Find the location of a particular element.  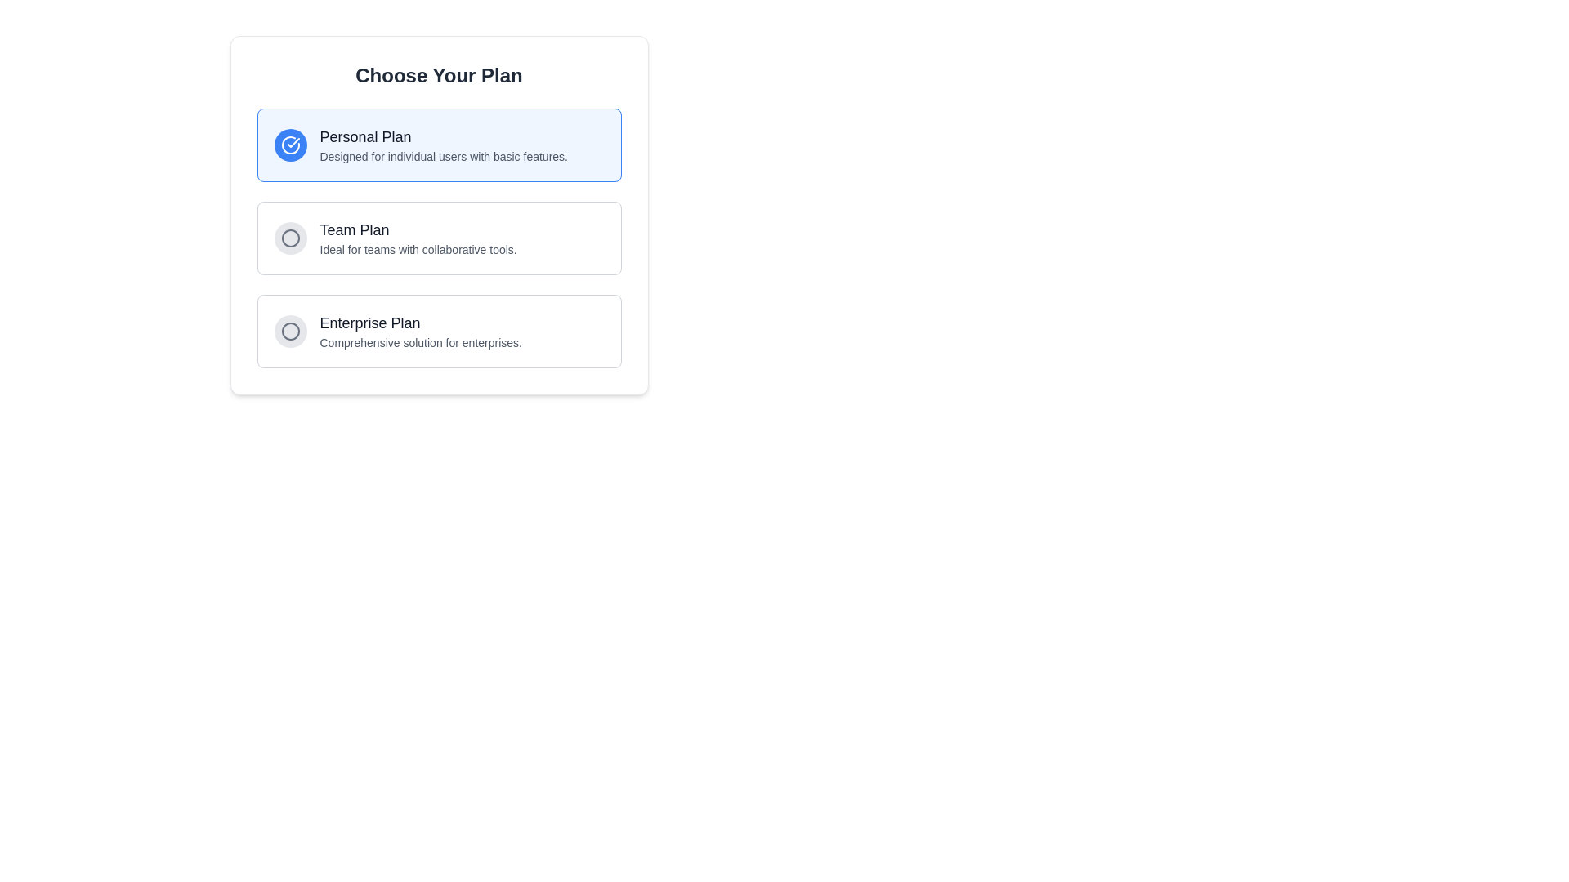

the decorative checkmark icon for the 'Personal Plan' option located at the top-left corner of the 'Personal Plan' selection card in the 'Choose Your Plan' section is located at coordinates (290, 144).